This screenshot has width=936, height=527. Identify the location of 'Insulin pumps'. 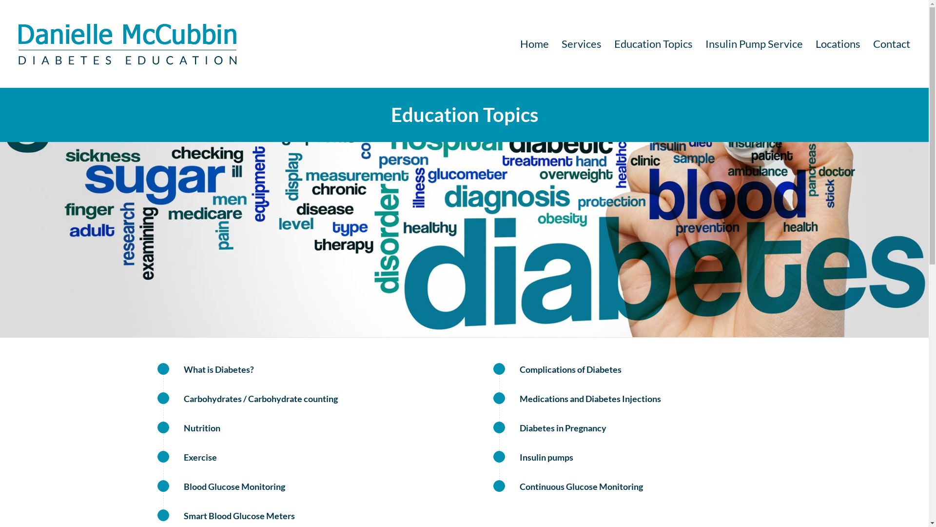
(499, 457).